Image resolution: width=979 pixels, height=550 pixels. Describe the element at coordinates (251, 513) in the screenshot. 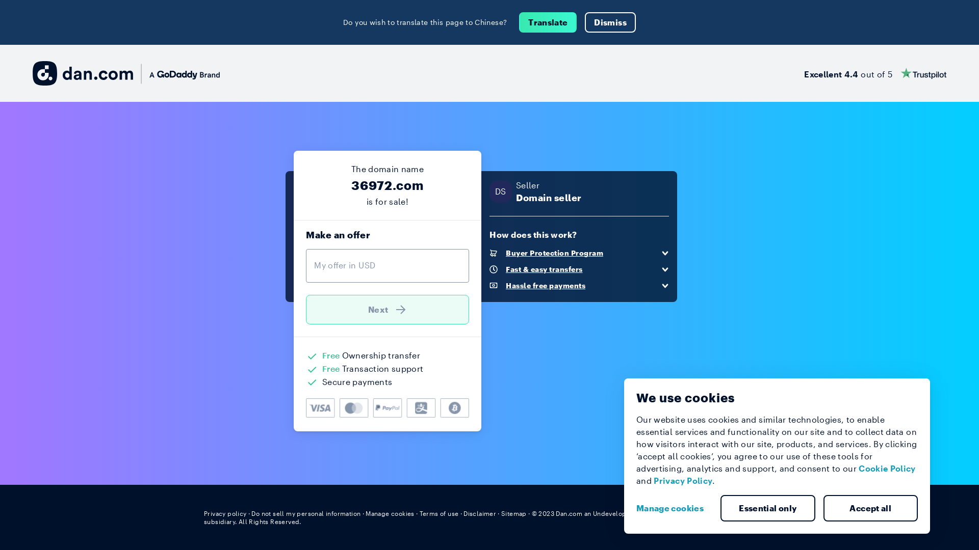

I see `'Do not sell my personal information'` at that location.